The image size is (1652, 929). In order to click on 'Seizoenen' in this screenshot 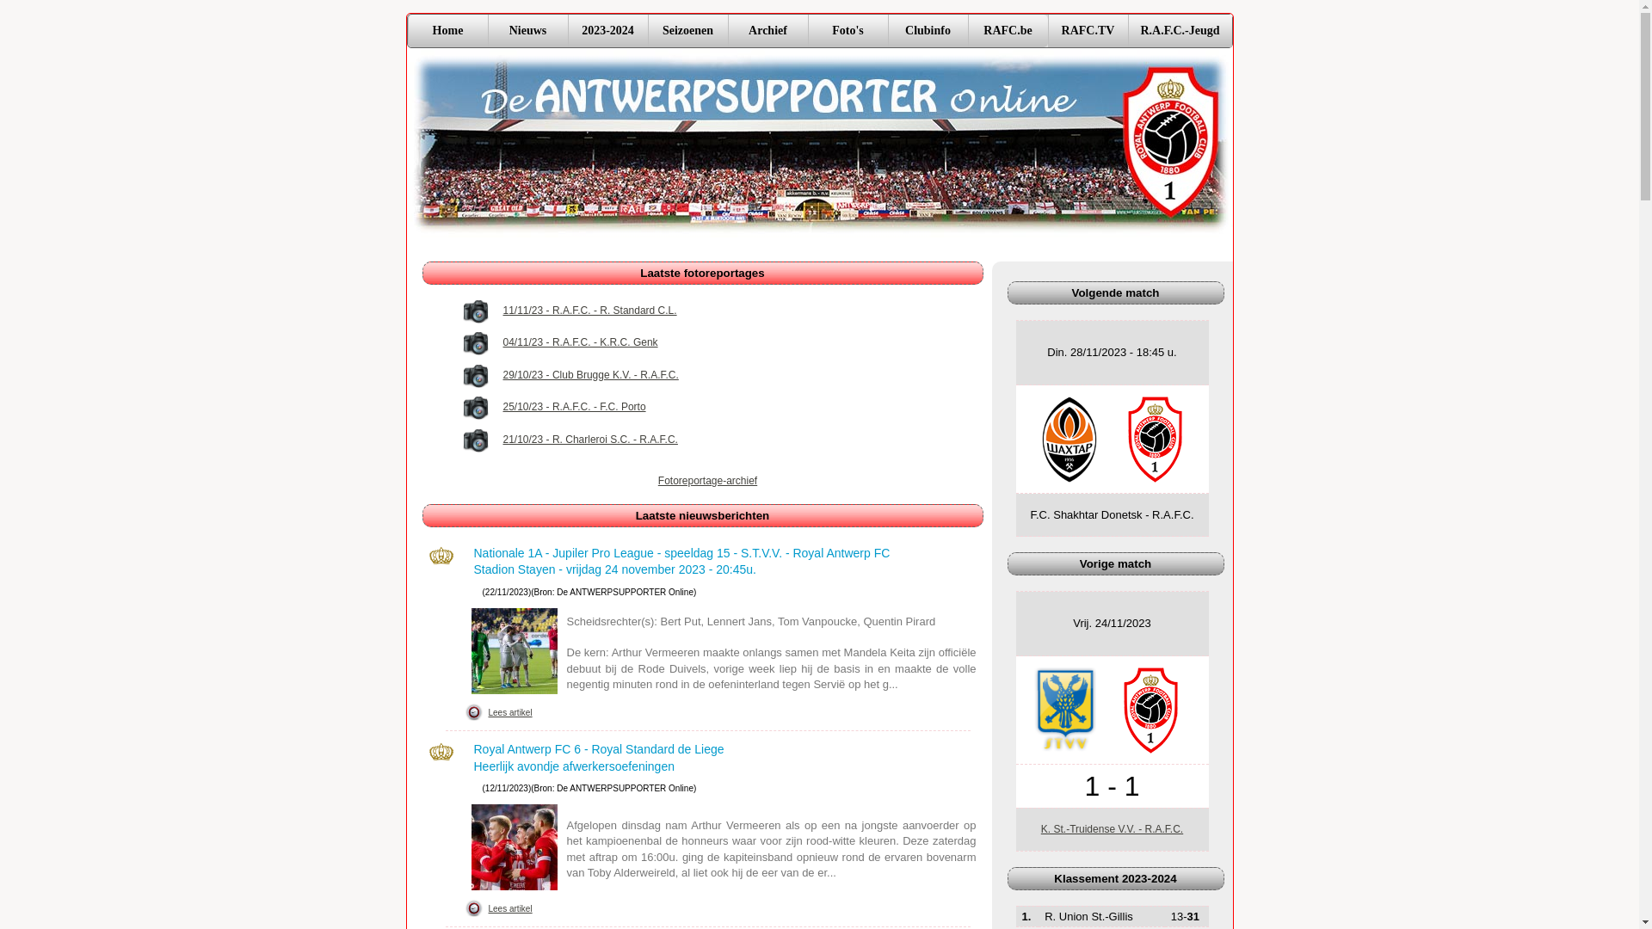, I will do `click(686, 30)`.